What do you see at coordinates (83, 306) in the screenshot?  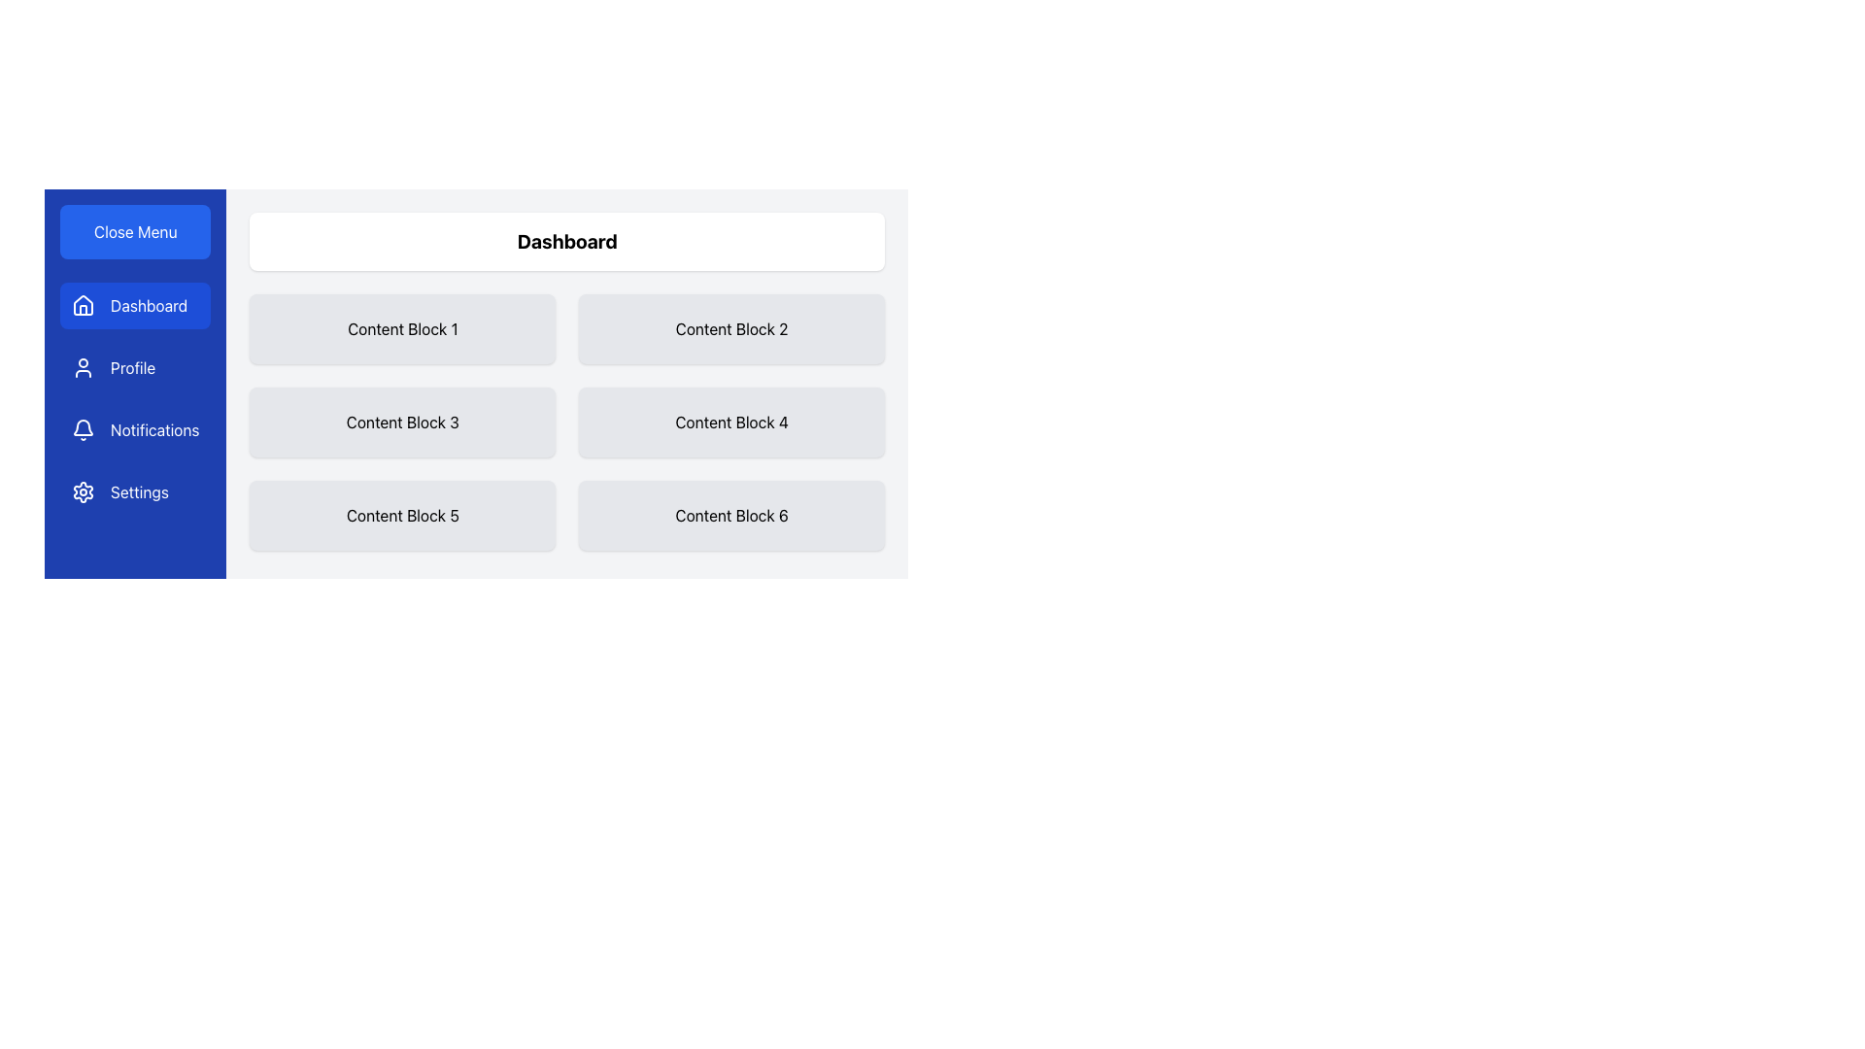 I see `the SVG icon representing the 'Dashboard' section located on the left navigation menu next to the 'Dashboard' label` at bounding box center [83, 306].